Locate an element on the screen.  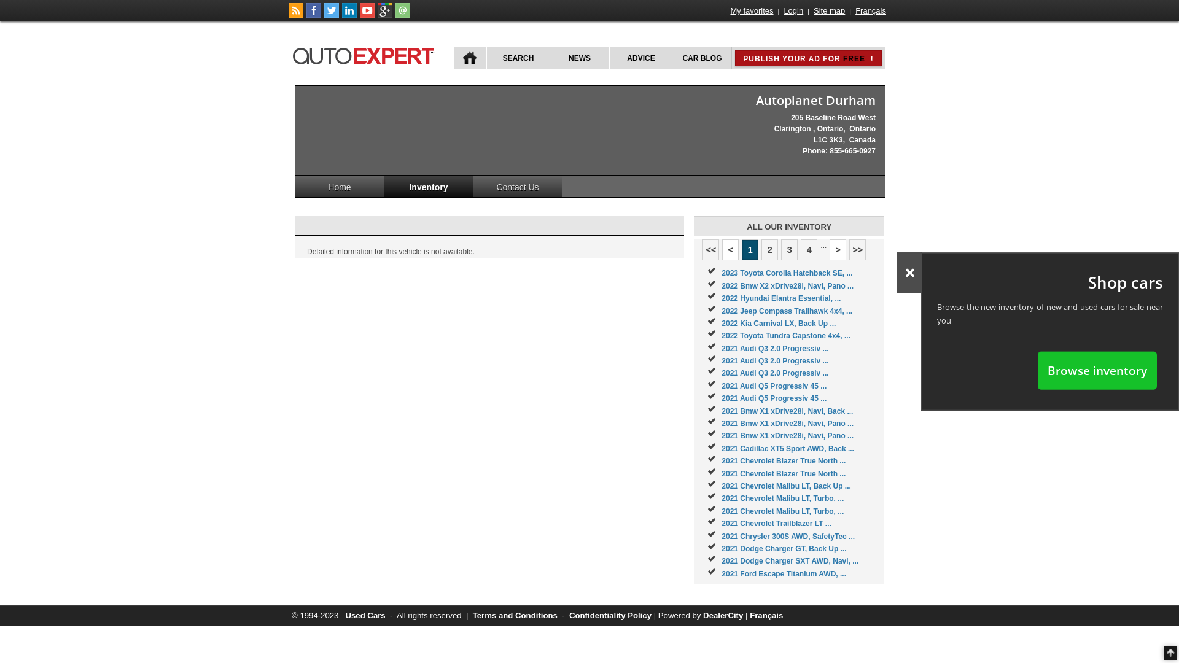
'1' is located at coordinates (749, 249).